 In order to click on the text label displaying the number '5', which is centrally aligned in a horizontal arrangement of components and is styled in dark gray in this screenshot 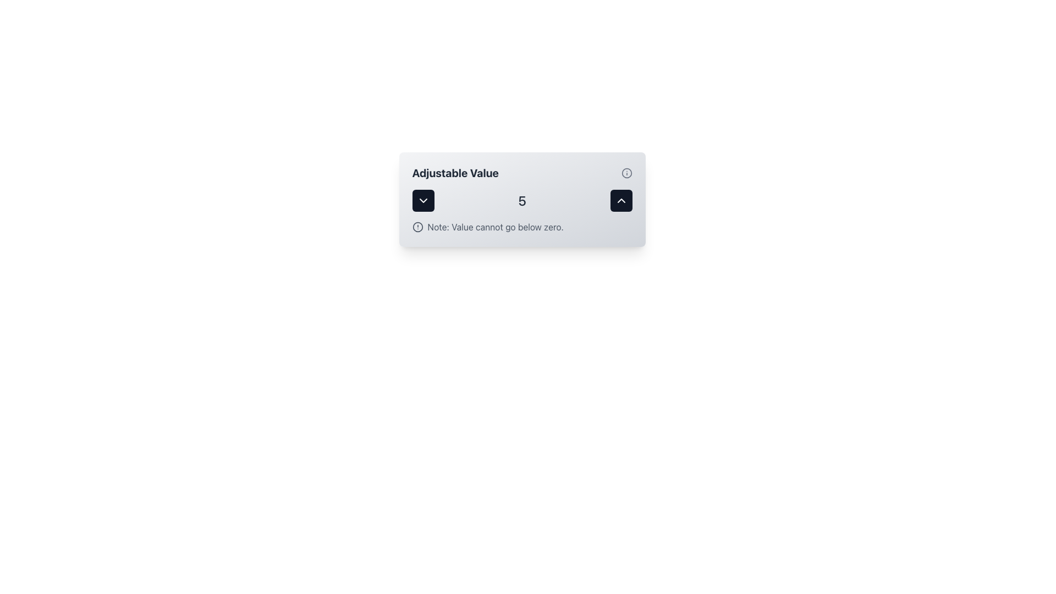, I will do `click(521, 201)`.